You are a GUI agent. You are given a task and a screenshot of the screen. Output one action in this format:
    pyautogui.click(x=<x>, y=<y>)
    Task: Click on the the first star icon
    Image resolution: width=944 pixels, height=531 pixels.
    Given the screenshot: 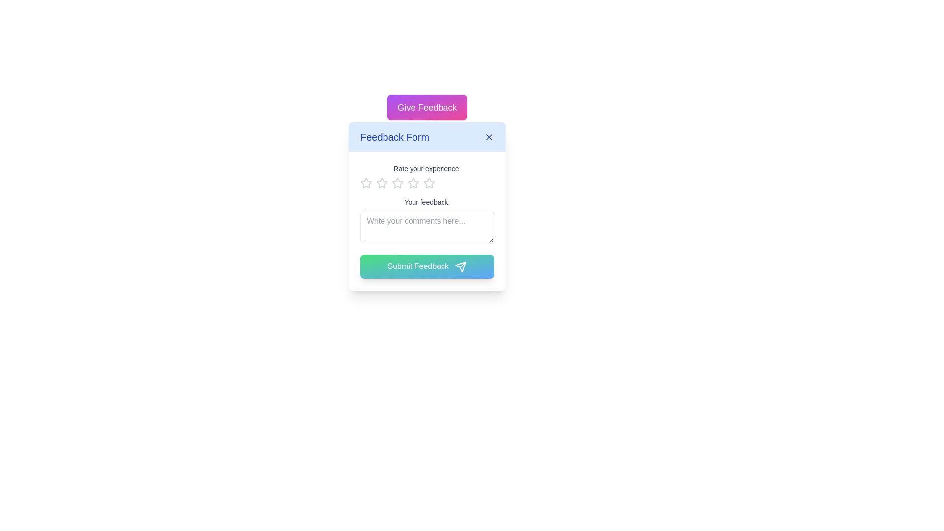 What is the action you would take?
    pyautogui.click(x=382, y=183)
    